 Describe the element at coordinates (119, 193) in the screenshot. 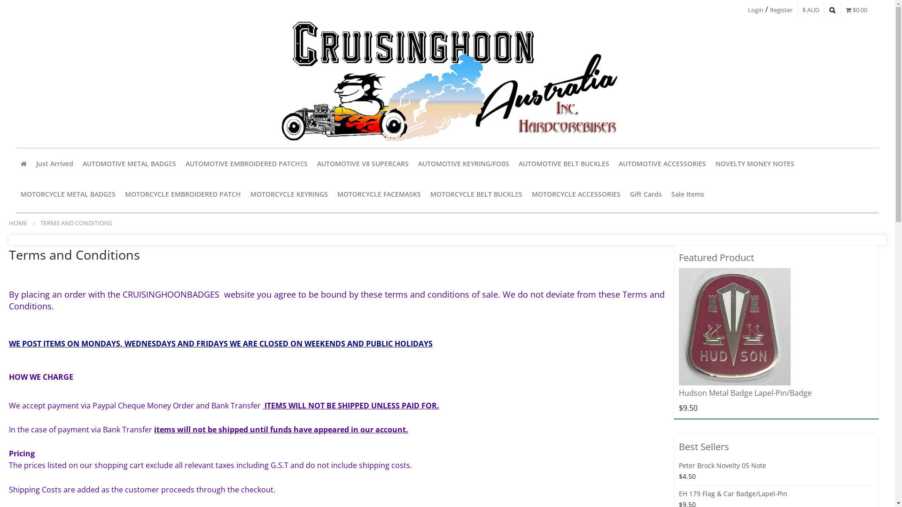

I see `'MOTORCYCLE EMBROIDERED PATCH'` at that location.